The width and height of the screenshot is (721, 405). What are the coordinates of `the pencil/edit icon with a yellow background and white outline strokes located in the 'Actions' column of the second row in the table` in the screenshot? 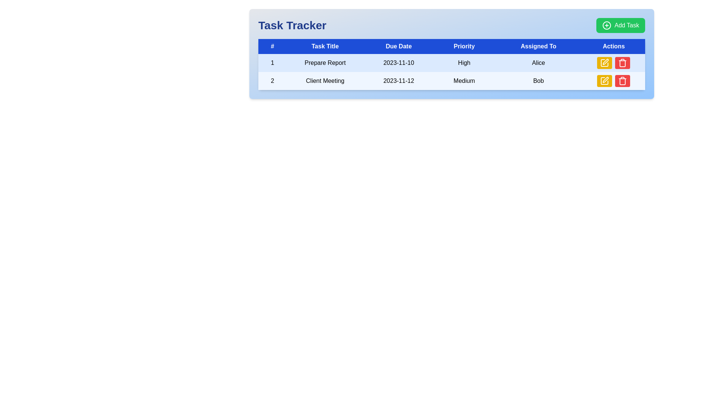 It's located at (605, 81).